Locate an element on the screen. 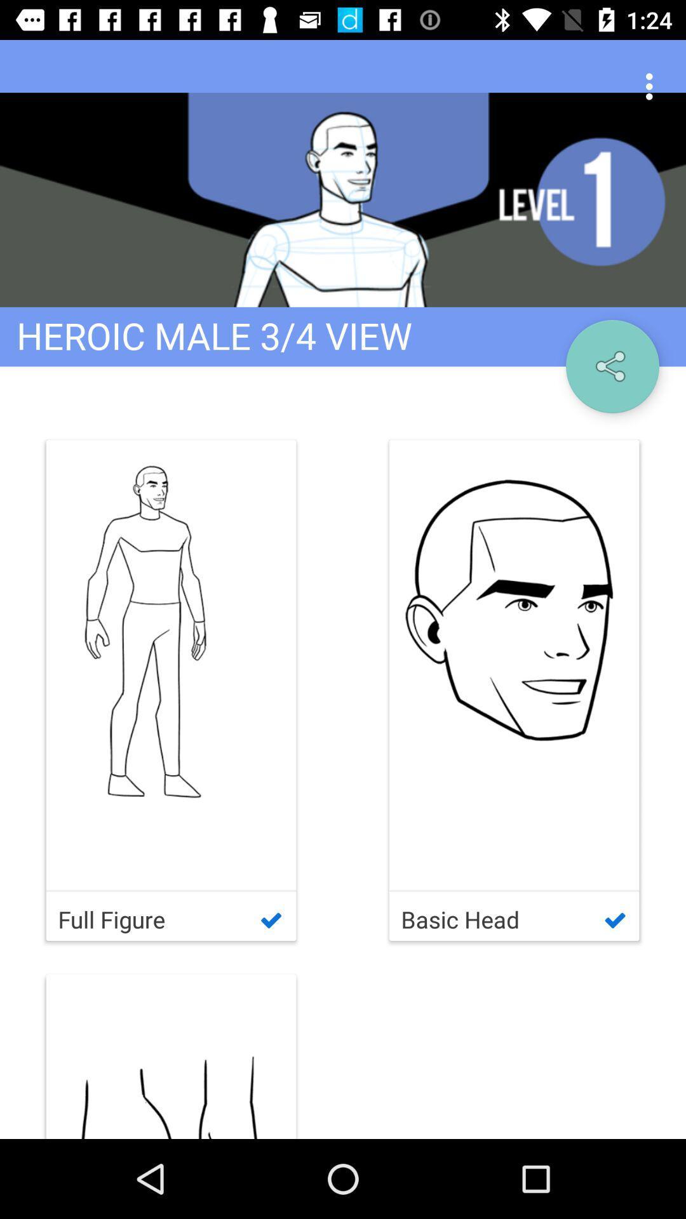 This screenshot has height=1219, width=686. the icon share is located at coordinates (612, 366).